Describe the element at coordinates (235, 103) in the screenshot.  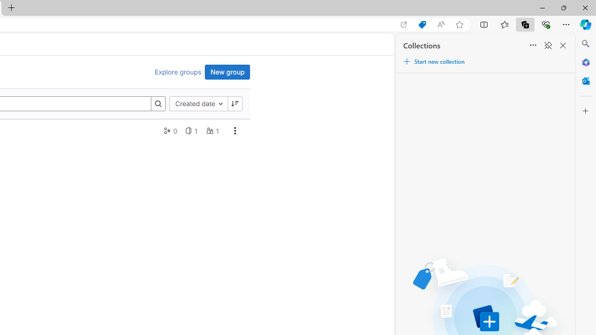
I see `'Sort direction: Descending'` at that location.